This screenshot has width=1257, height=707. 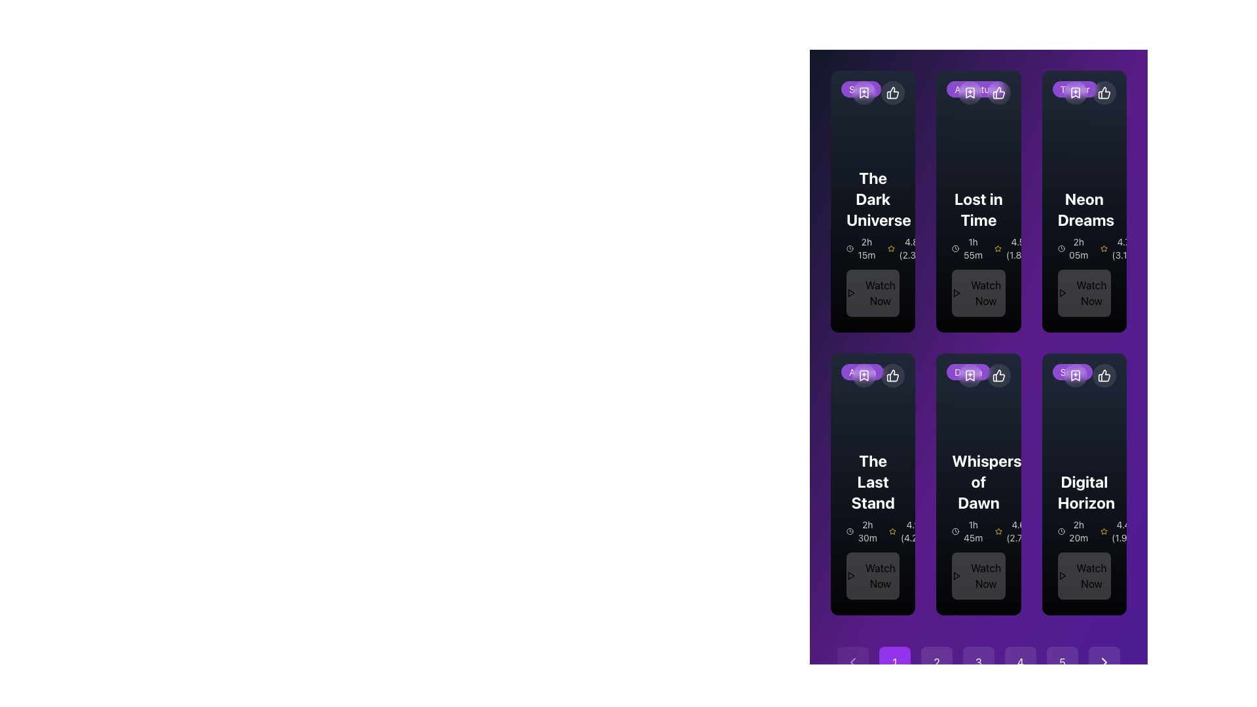 What do you see at coordinates (998, 92) in the screenshot?
I see `the thumbs-up icon, which is a circular button with a white outline and a semi-transparent dark background, located in the top-right area of a card layout, to like the item` at bounding box center [998, 92].